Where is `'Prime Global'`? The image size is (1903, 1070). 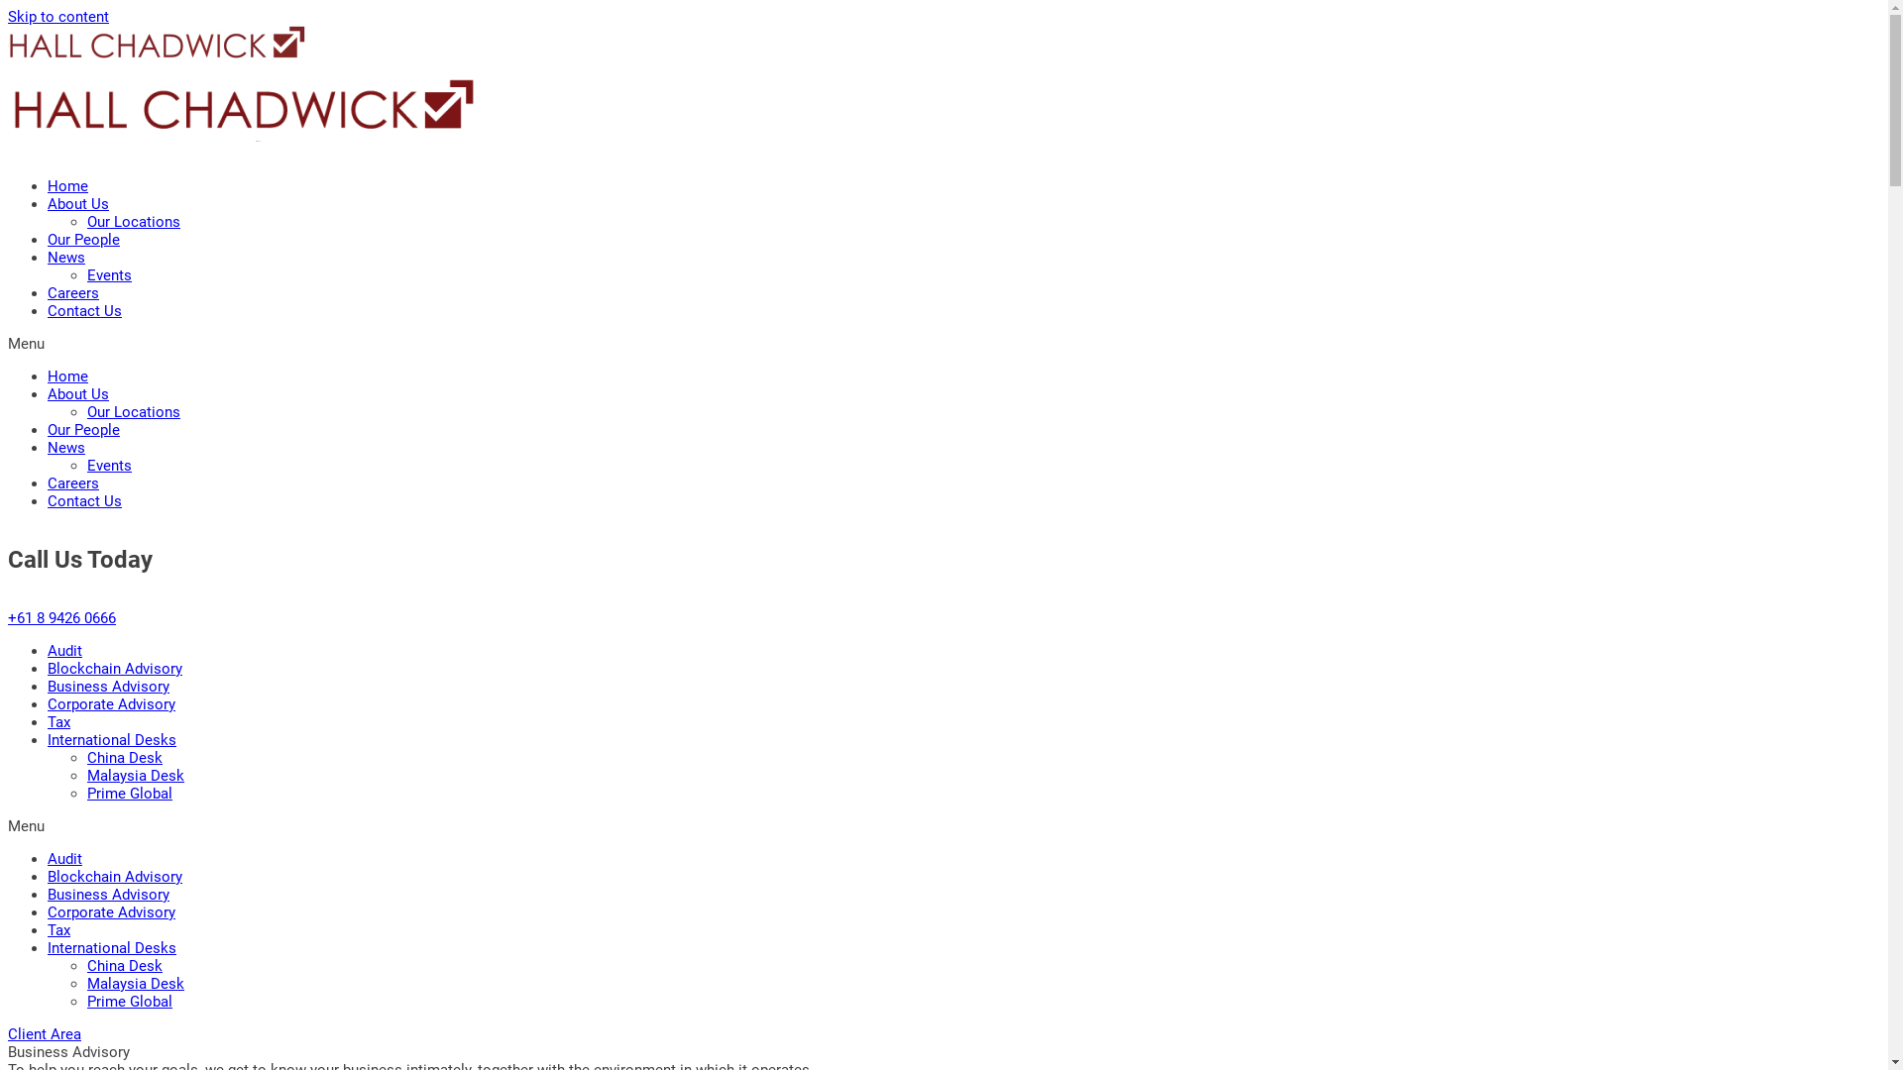
'Prime Global' is located at coordinates (128, 793).